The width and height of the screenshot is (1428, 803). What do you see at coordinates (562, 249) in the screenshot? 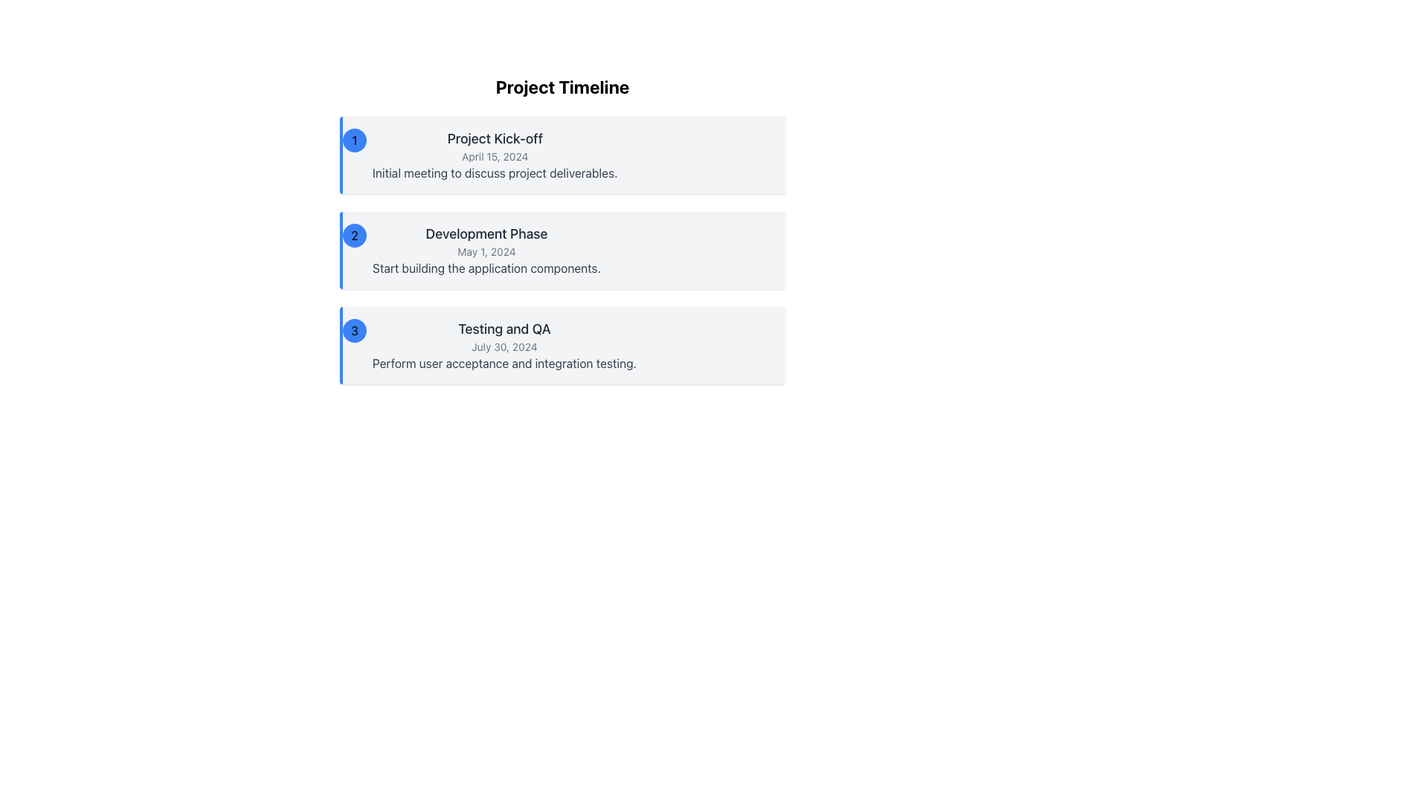
I see `the 'Development Phase' milestone in the project timeline, which is the second milestone in a vertically stacked display` at bounding box center [562, 249].